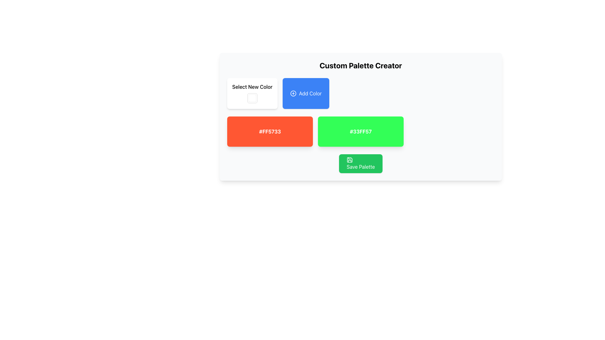 This screenshot has width=605, height=340. I want to click on the color selection box within the 'Select New Color' component, so click(252, 93).